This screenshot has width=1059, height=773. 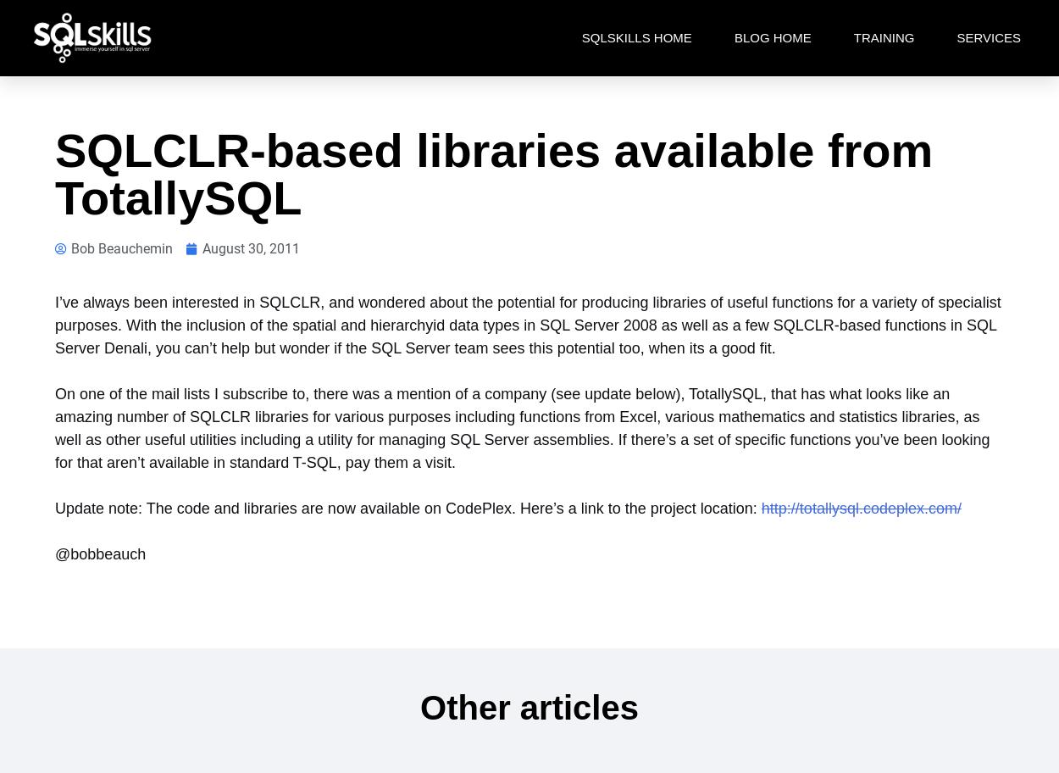 What do you see at coordinates (521, 427) in the screenshot?
I see `'On one of the mail lists I subscribe to, there was a mention of a company (see update below), TotallySQL, that has what looks like an amazing number of SQLCLR libraries for various purposes including functions from Excel, various mathematics and statistics libraries, as well as other useful utilities including a utility for managing SQL Server assemblies. If there’s a set of specific functions you’ve been looking for that aren’t available in standard T-SQL, pay them a visit.'` at bounding box center [521, 427].